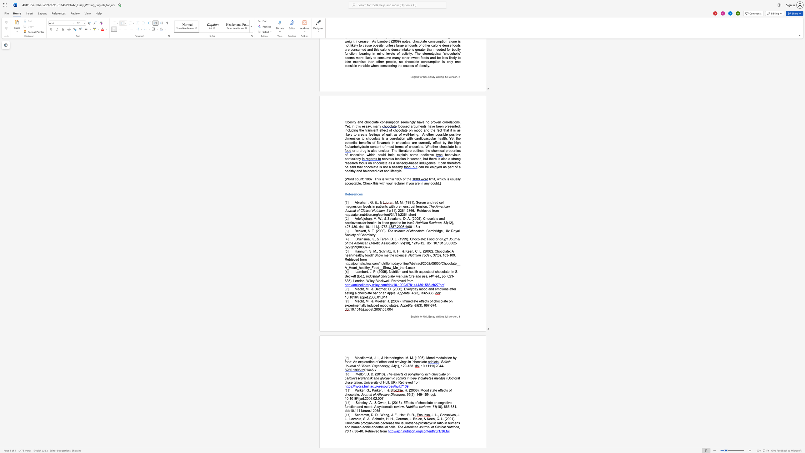 The width and height of the screenshot is (805, 453). Describe the element at coordinates (406, 243) in the screenshot. I see `the 1th character "1" in the text` at that location.